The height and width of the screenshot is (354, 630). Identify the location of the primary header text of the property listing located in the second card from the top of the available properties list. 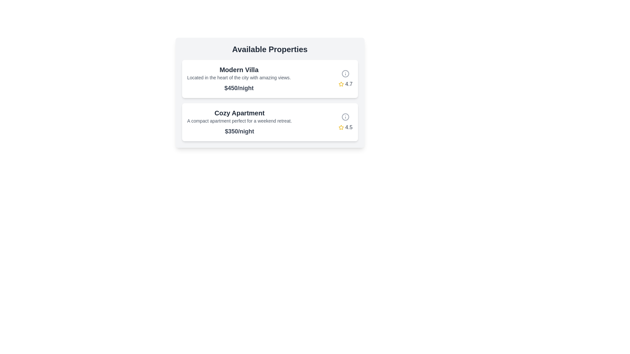
(239, 112).